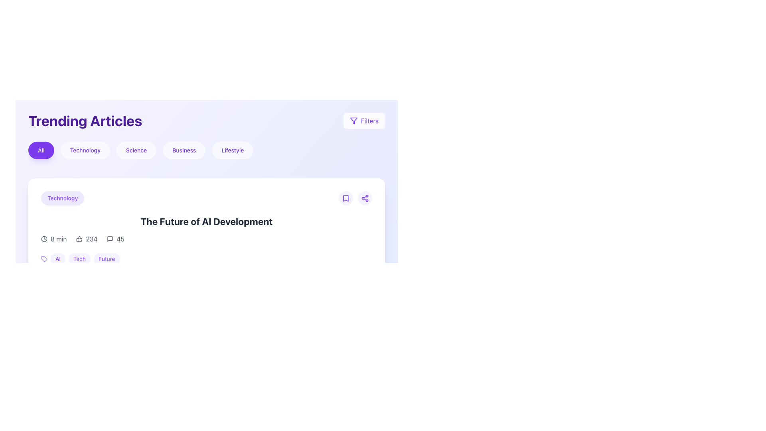  What do you see at coordinates (85, 150) in the screenshot?
I see `the pill-shaped button labeled 'Technology', which is the second button in a horizontal list beneath 'Trending Articles', to change its background color` at bounding box center [85, 150].